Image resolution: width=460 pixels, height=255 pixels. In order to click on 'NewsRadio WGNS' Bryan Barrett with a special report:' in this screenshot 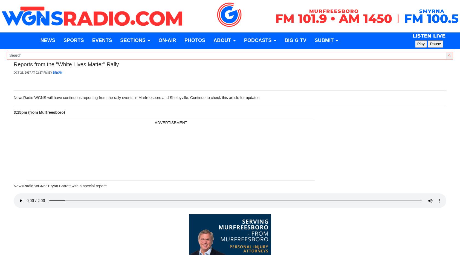, I will do `click(13, 185)`.